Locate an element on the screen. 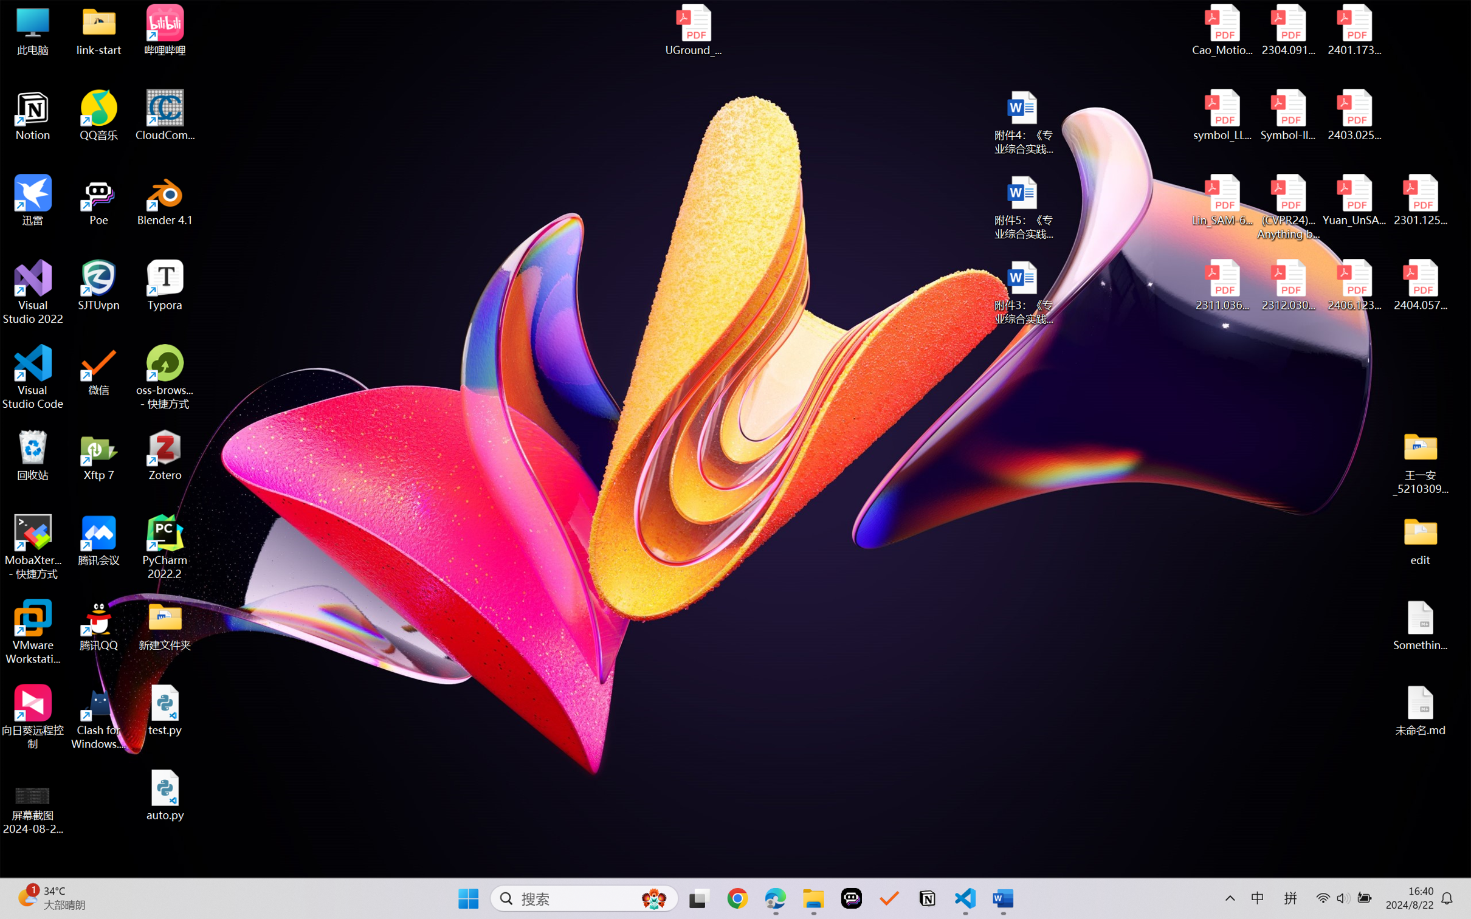 Image resolution: width=1471 pixels, height=919 pixels. '(CVPR24)Matching Anything by Segmenting Anything.pdf' is located at coordinates (1287, 207).